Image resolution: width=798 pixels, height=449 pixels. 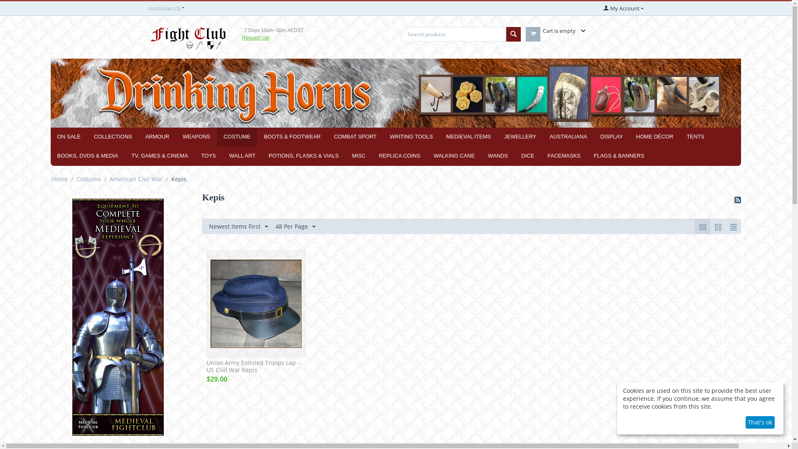 What do you see at coordinates (746, 422) in the screenshot?
I see `'That's ok'` at bounding box center [746, 422].